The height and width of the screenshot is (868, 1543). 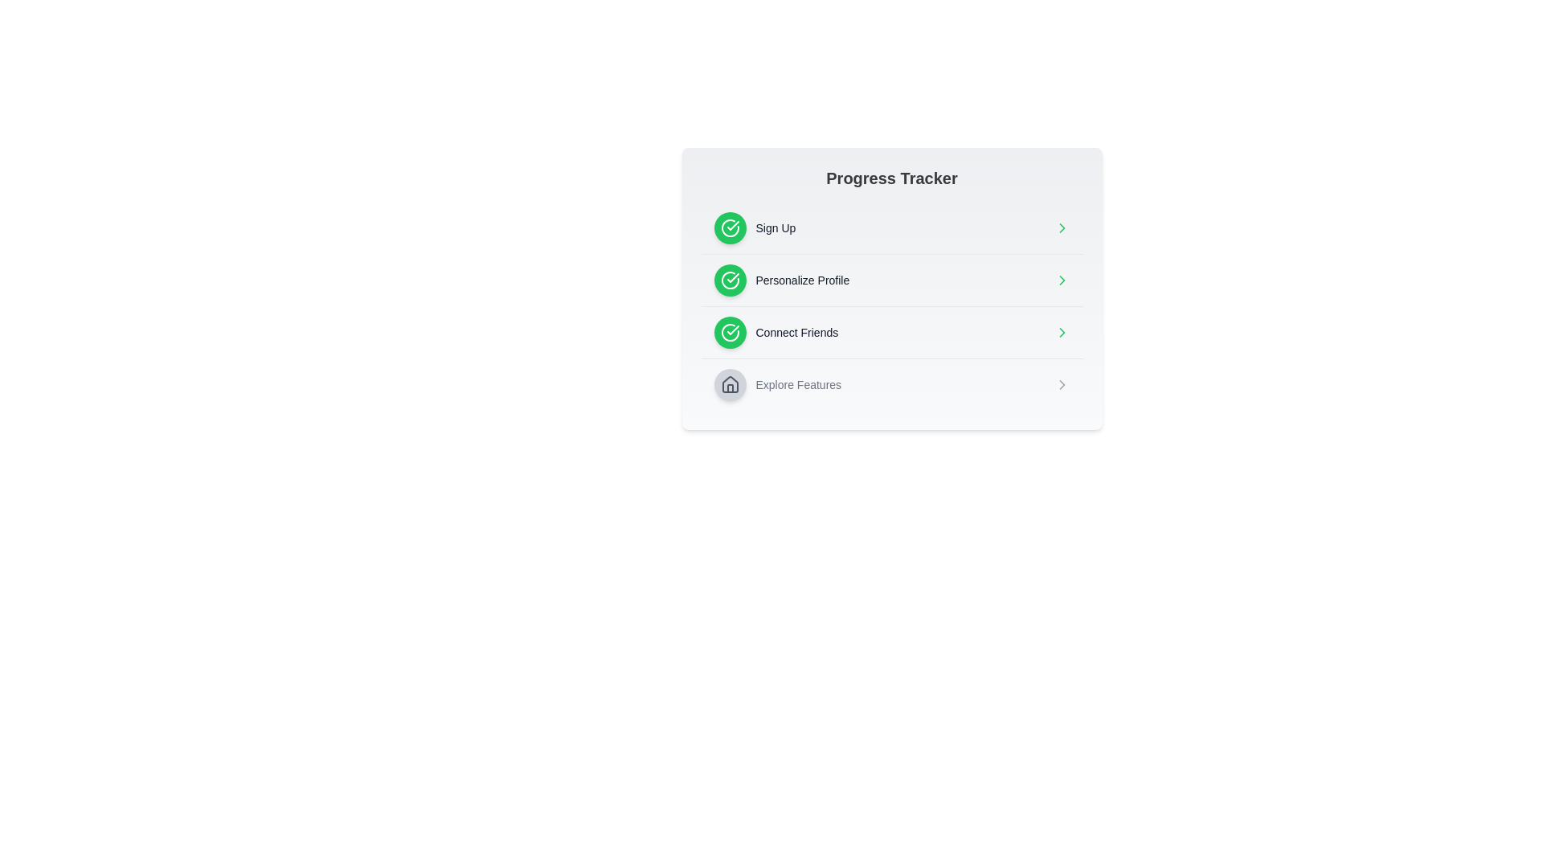 What do you see at coordinates (781, 279) in the screenshot?
I see `the 'Personalize Profile' step in the Progress Tracker, which indicates that this step has been completed` at bounding box center [781, 279].